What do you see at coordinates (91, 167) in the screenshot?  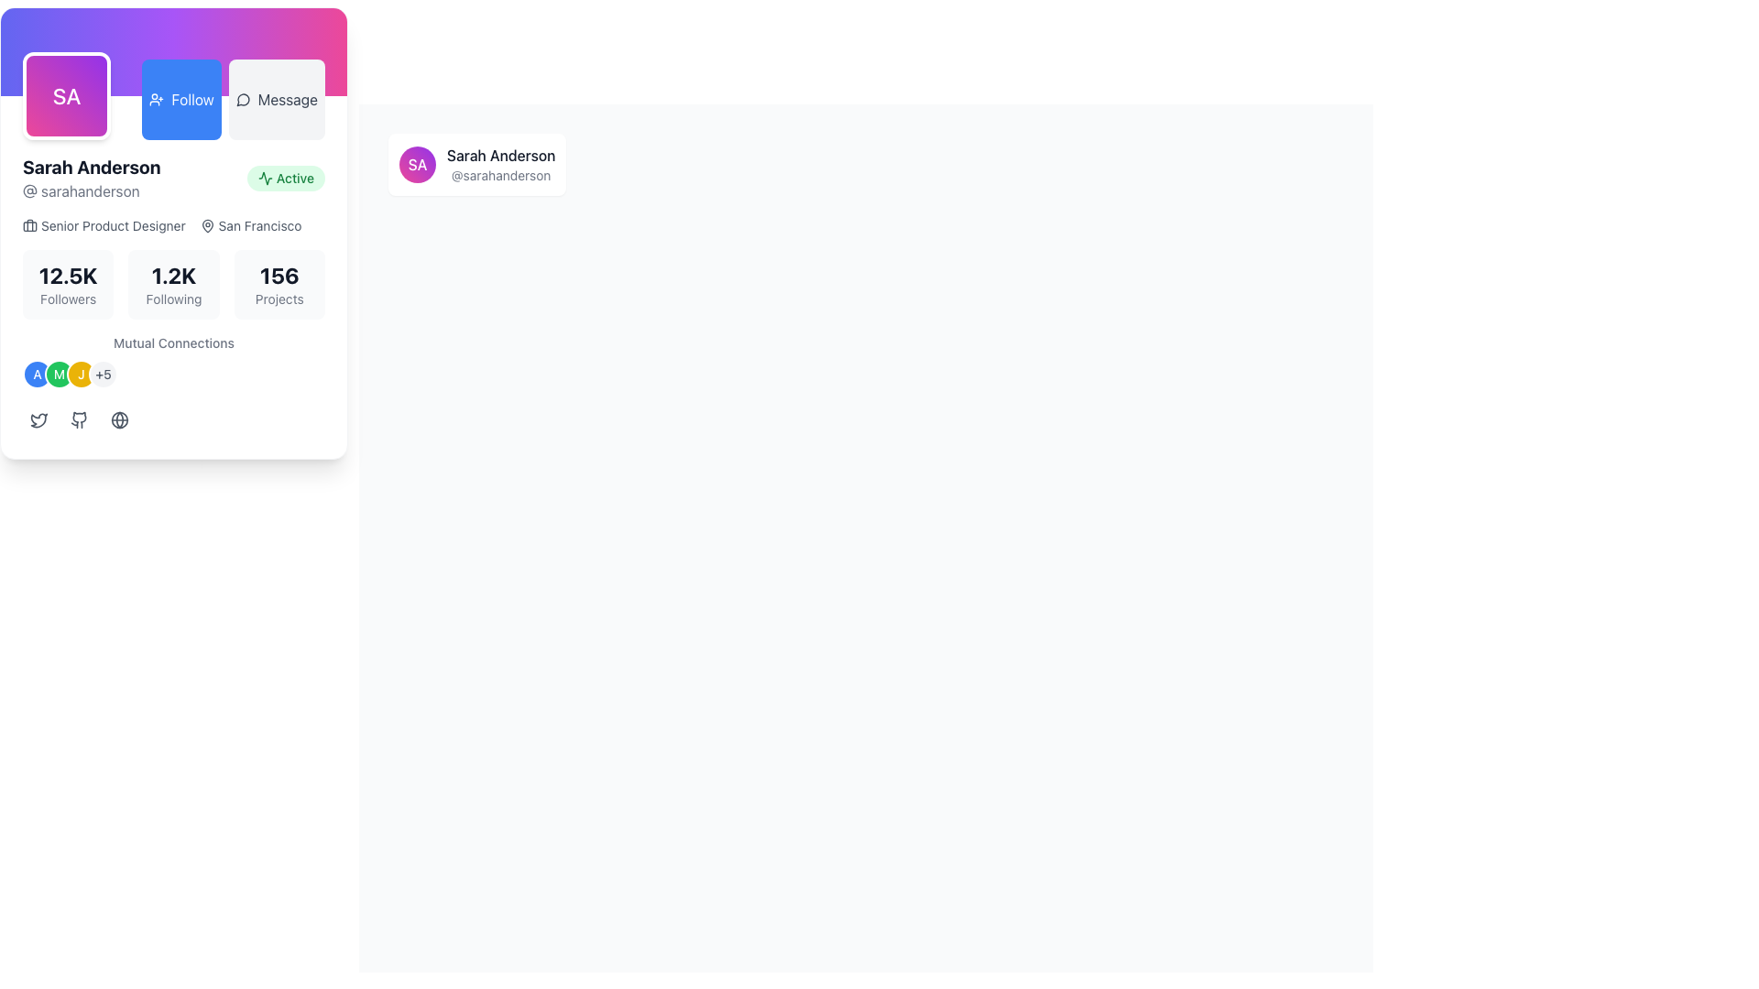 I see `the Text Label that identifies the user's full name in the profile card, located beneath the circular avatar labeled 'SA'` at bounding box center [91, 167].